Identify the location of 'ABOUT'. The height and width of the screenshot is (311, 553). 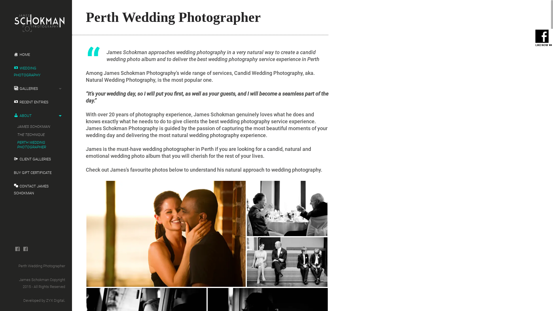
(35, 115).